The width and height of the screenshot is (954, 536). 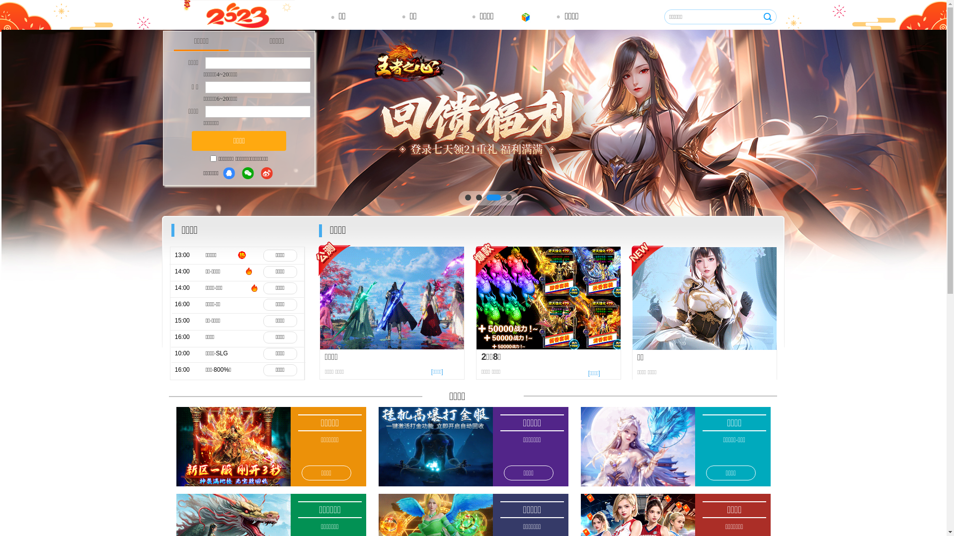 What do you see at coordinates (189, 271) in the screenshot?
I see `'14:00'` at bounding box center [189, 271].